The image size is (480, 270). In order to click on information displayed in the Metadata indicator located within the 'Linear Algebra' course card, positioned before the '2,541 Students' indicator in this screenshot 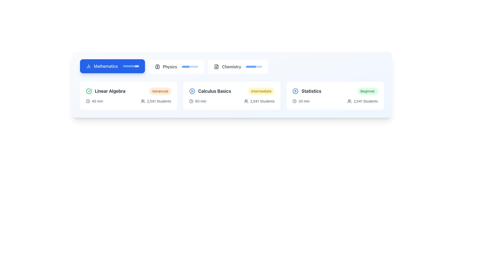, I will do `click(94, 101)`.